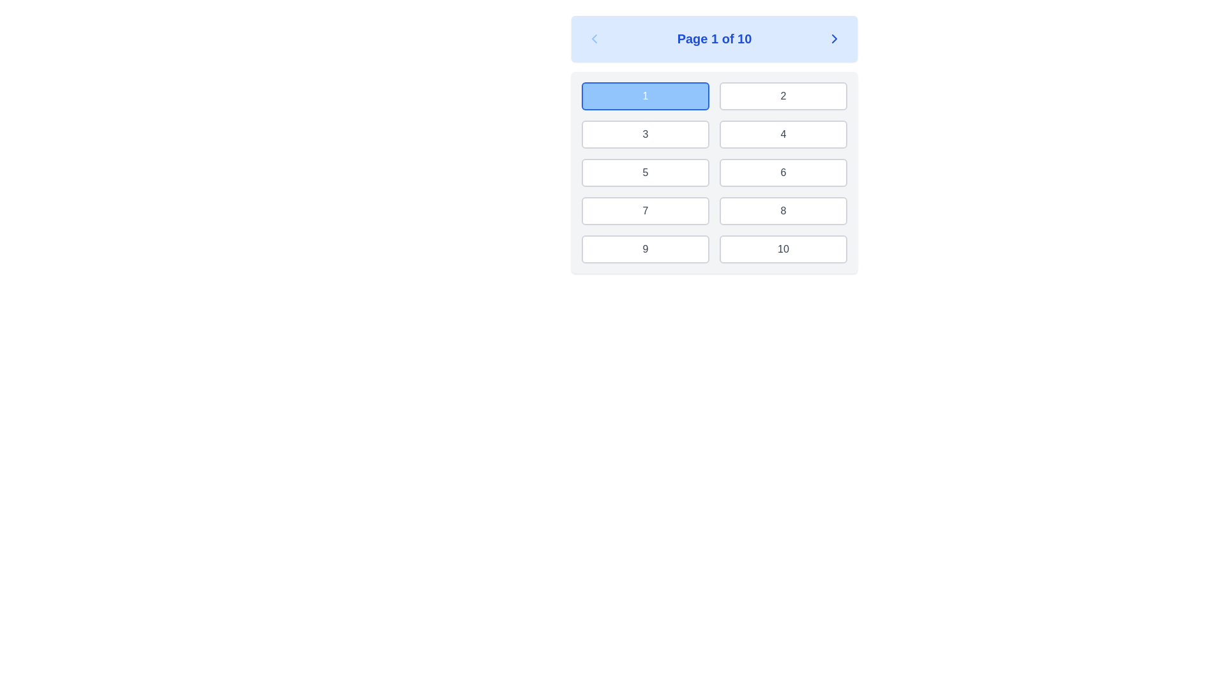  Describe the element at coordinates (783, 95) in the screenshot. I see `the page navigation button that allows users to move to page 2, located to the right of the button labeled '1', to change its background color` at that location.